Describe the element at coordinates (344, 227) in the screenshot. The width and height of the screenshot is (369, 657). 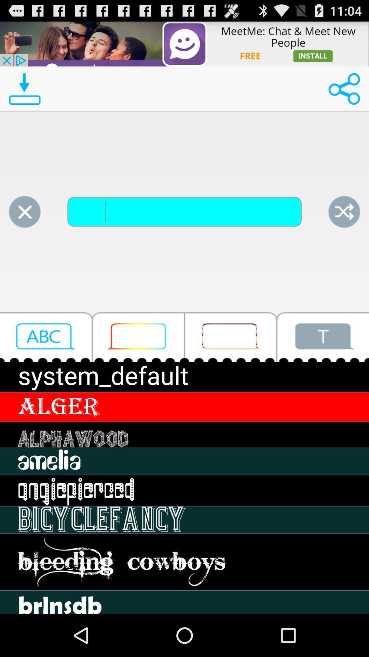
I see `the close icon` at that location.